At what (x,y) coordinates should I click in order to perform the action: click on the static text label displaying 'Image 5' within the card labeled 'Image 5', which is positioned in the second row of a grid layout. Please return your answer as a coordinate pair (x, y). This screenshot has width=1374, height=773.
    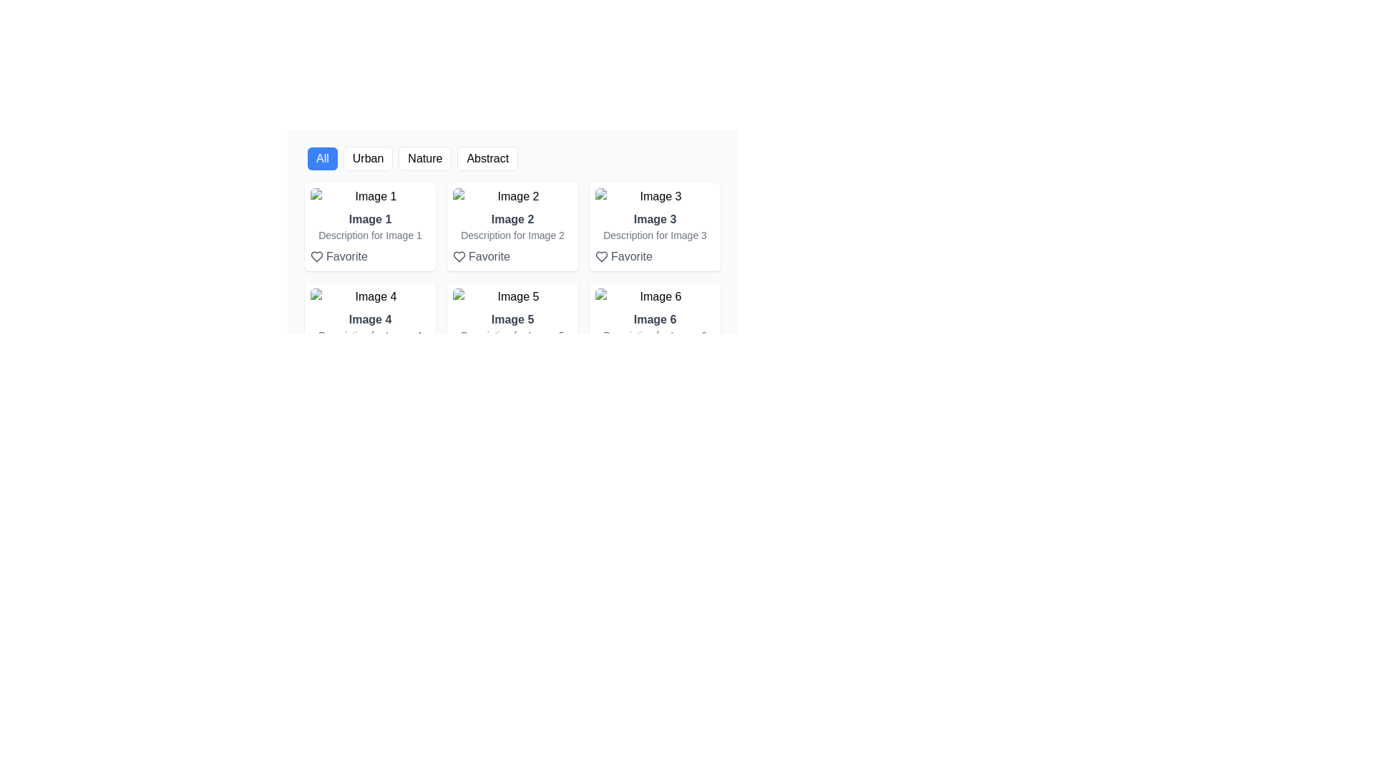
    Looking at the image, I should click on (512, 319).